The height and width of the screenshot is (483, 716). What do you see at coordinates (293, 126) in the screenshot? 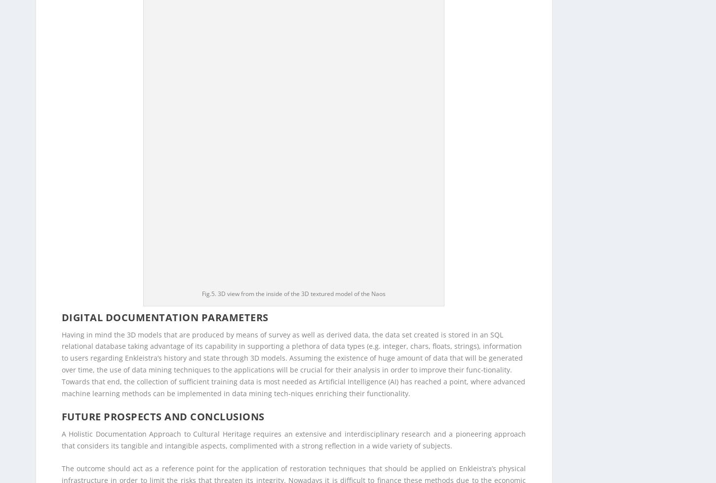
I see `'The outcome should act as a reference point for the application of restoration techniques that should be applied on Enkleistra’s physical infrastructure in order to limit the risks that threaten its integrity. Nowadays it is difficult to finance these methods due to the economic crisis that exists in the Mediterranean countries, however an important measure that should be taken into consideration is the listing of Enkleistra on UNESCO’s World Heritage Catalogue as a cultural heritage site of outstanding universal value from historical point of view by meeting certain criteria that should apply on its tangible form, leading this way in the raise of both domestic and global awareness towards its protection and conservation.'` at bounding box center [293, 126].